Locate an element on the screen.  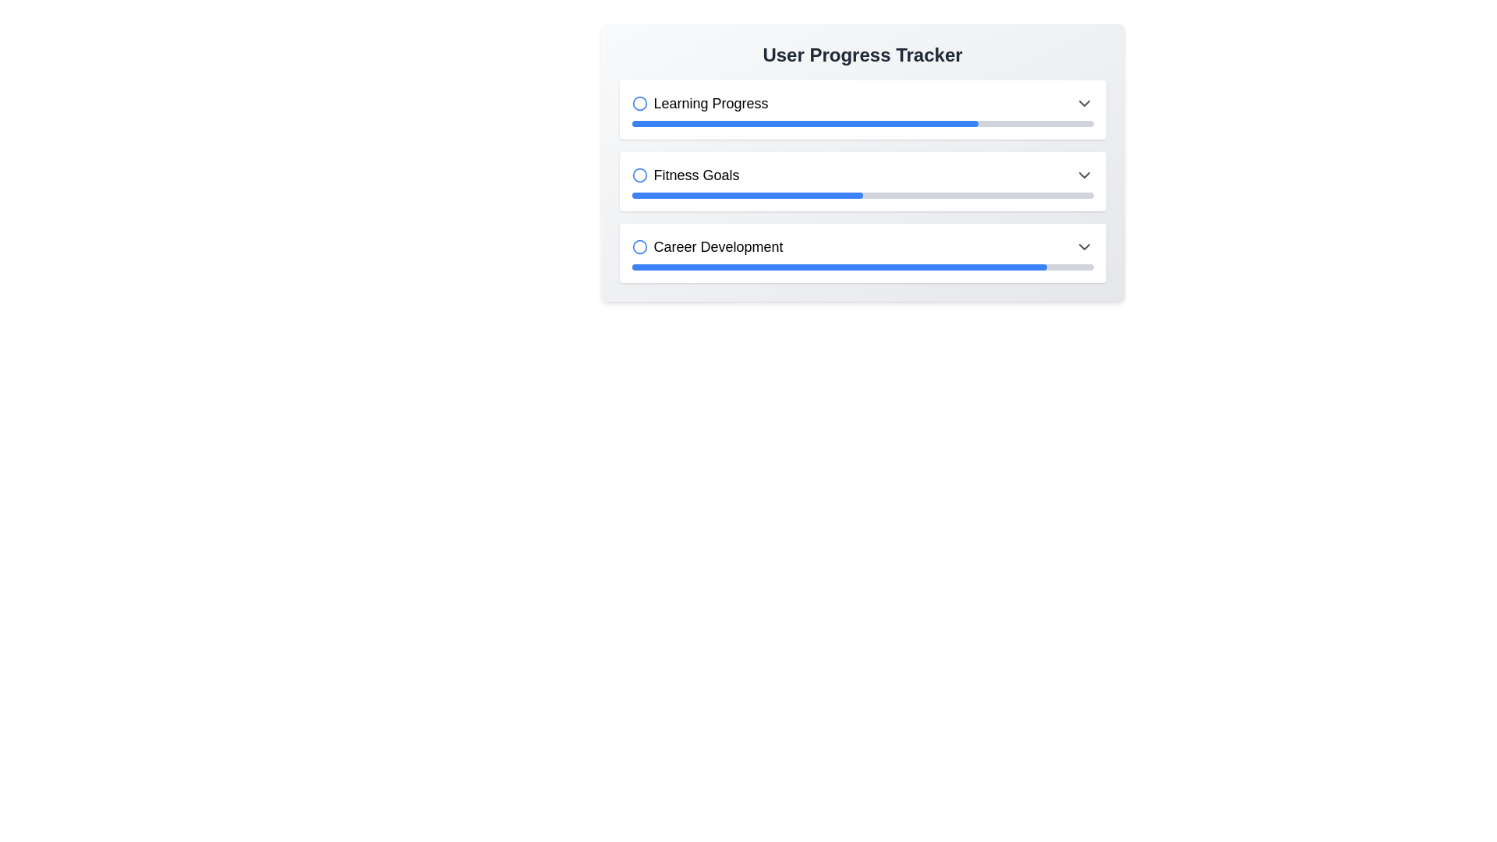
the third progress bar located below the 'Career Development' text, which features a light gray background and a blue fill with rounded ends is located at coordinates (862, 267).